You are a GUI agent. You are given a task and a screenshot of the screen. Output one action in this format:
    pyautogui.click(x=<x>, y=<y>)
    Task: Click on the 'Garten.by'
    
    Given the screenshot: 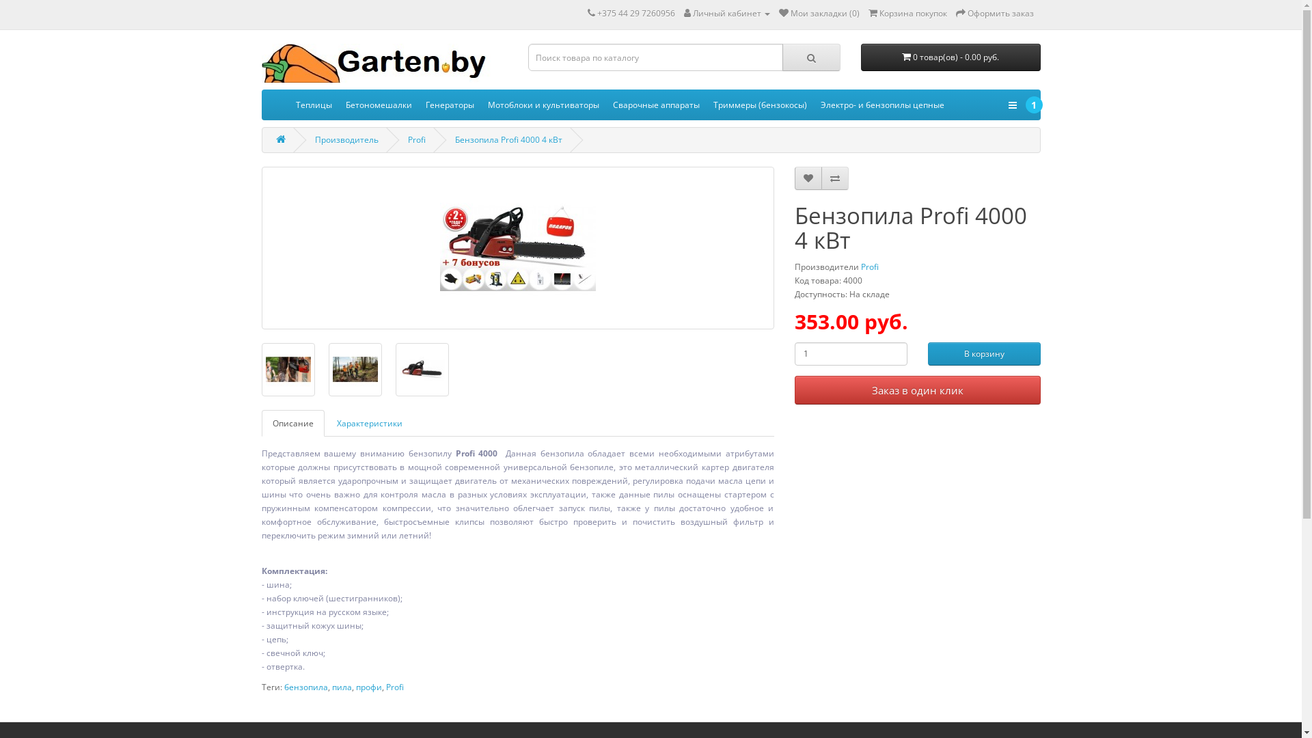 What is the action you would take?
    pyautogui.click(x=375, y=63)
    